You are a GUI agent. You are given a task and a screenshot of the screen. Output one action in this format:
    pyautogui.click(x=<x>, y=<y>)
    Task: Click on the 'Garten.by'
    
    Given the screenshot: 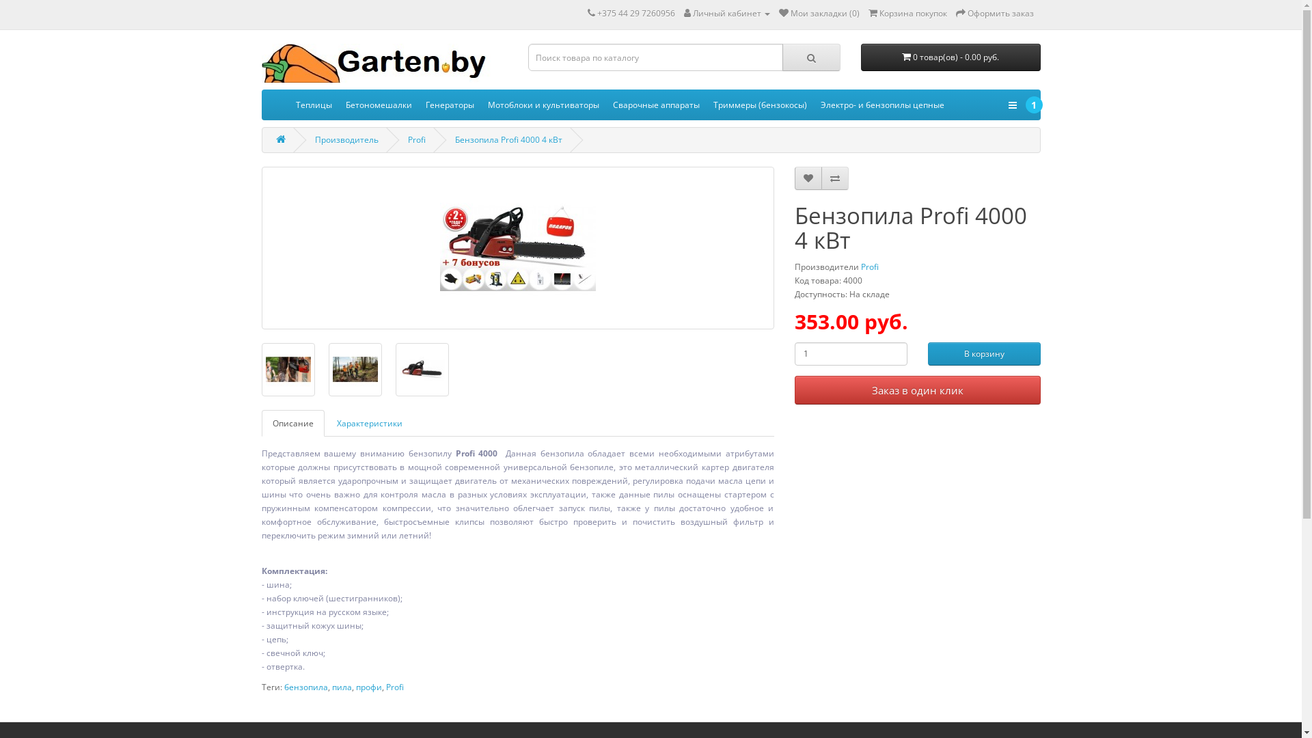 What is the action you would take?
    pyautogui.click(x=375, y=63)
    